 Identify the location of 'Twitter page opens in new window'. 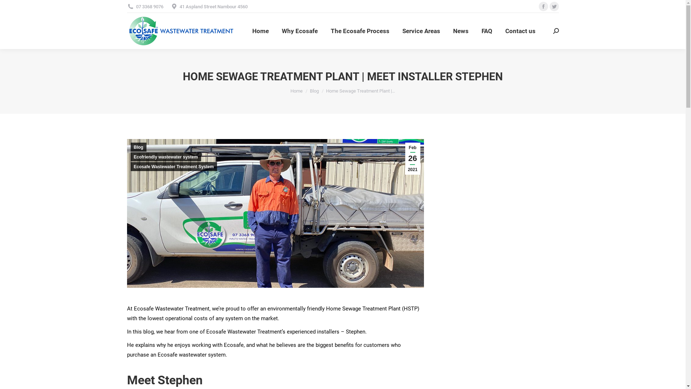
(549, 6).